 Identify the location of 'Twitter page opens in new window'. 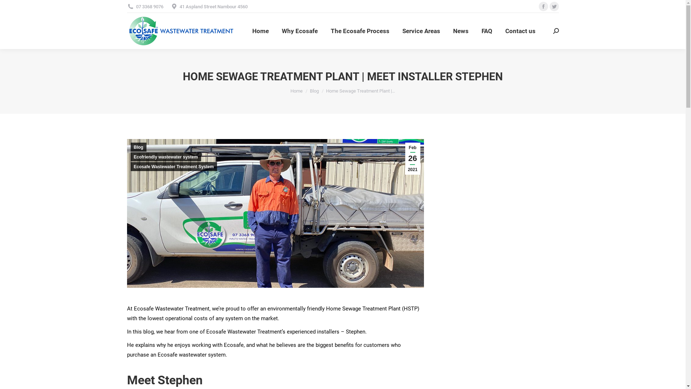
(549, 6).